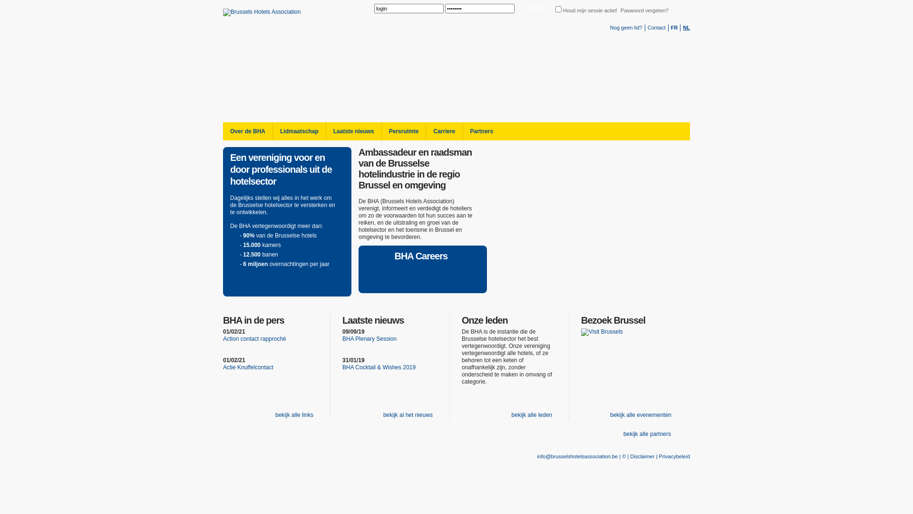  I want to click on 'Contact', so click(656, 27).